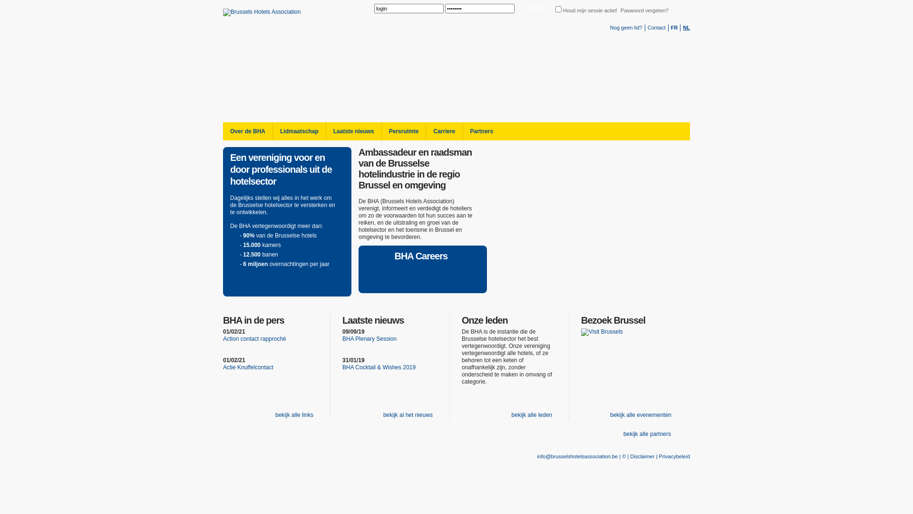  I want to click on 'Contact', so click(656, 27).